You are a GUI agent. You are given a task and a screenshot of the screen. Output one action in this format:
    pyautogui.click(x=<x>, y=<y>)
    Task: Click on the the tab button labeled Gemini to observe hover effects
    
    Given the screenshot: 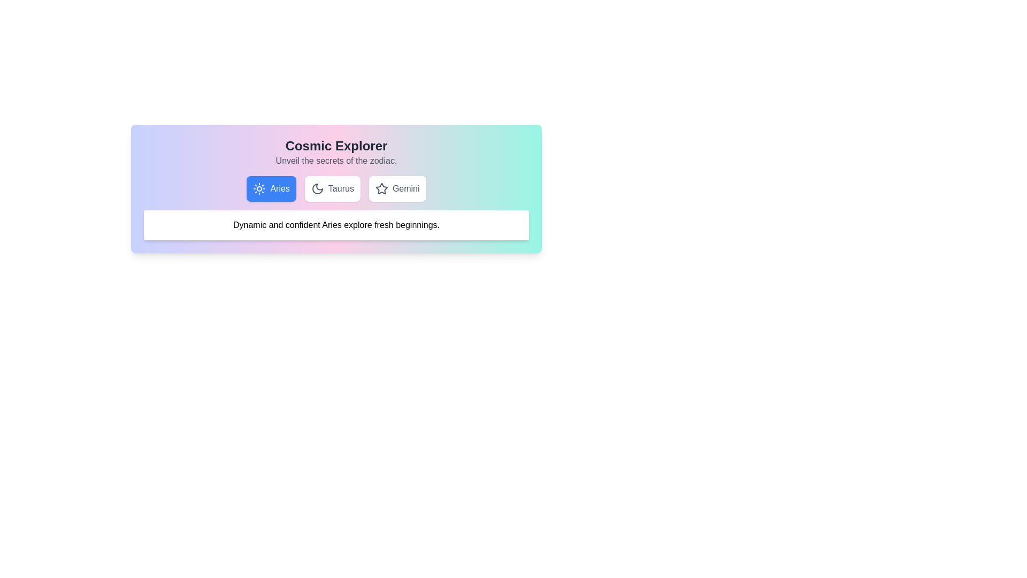 What is the action you would take?
    pyautogui.click(x=397, y=188)
    